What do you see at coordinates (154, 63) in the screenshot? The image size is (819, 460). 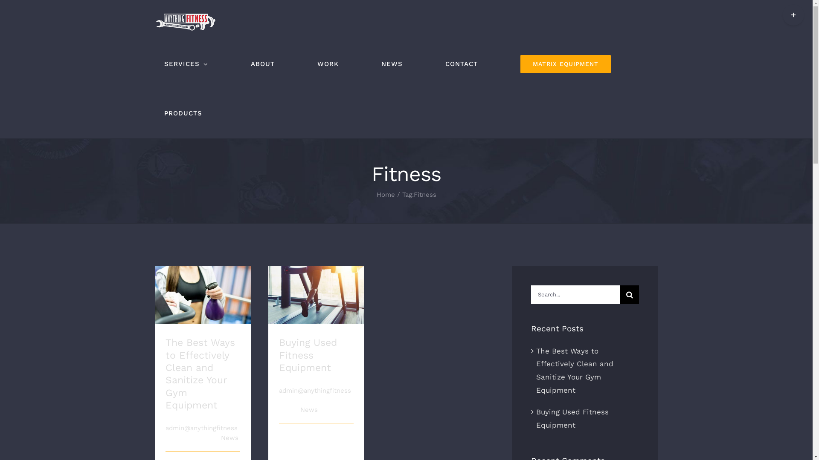 I see `'SERVICES'` at bounding box center [154, 63].